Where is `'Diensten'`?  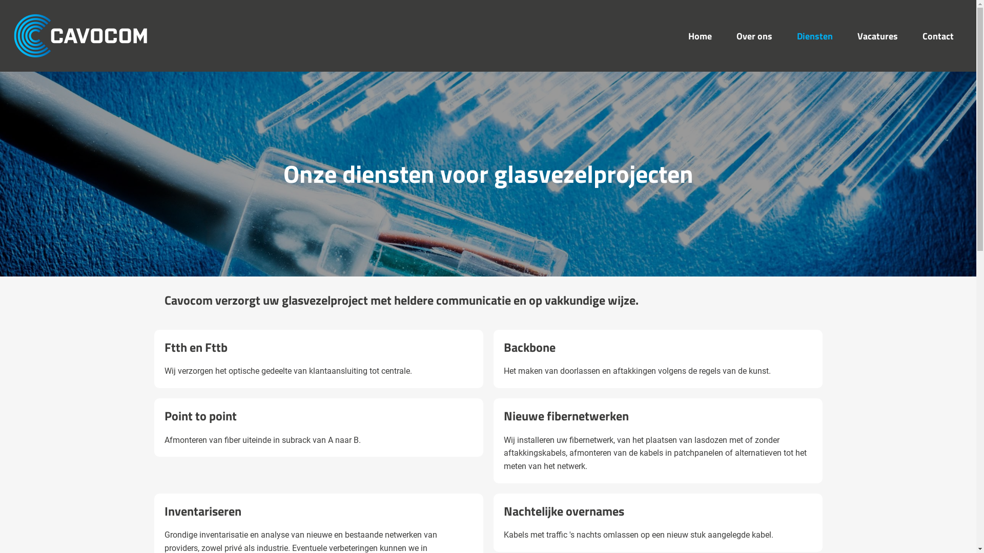
'Diensten' is located at coordinates (814, 35).